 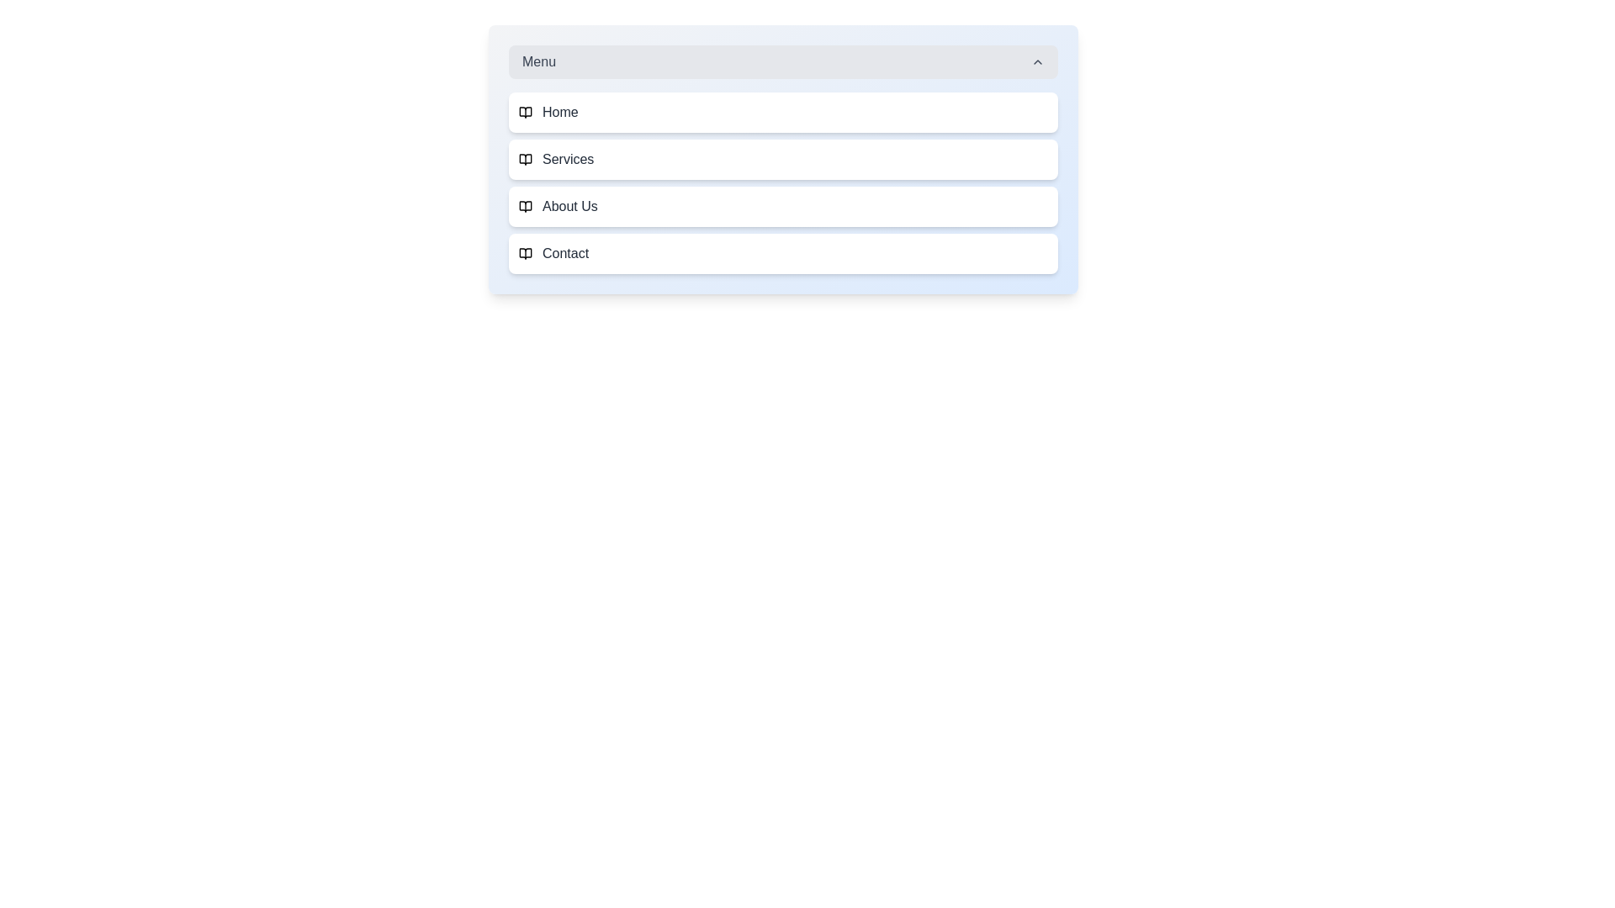 What do you see at coordinates (782, 253) in the screenshot?
I see `the fourth item in the vertical menu labeled 'Contact'` at bounding box center [782, 253].